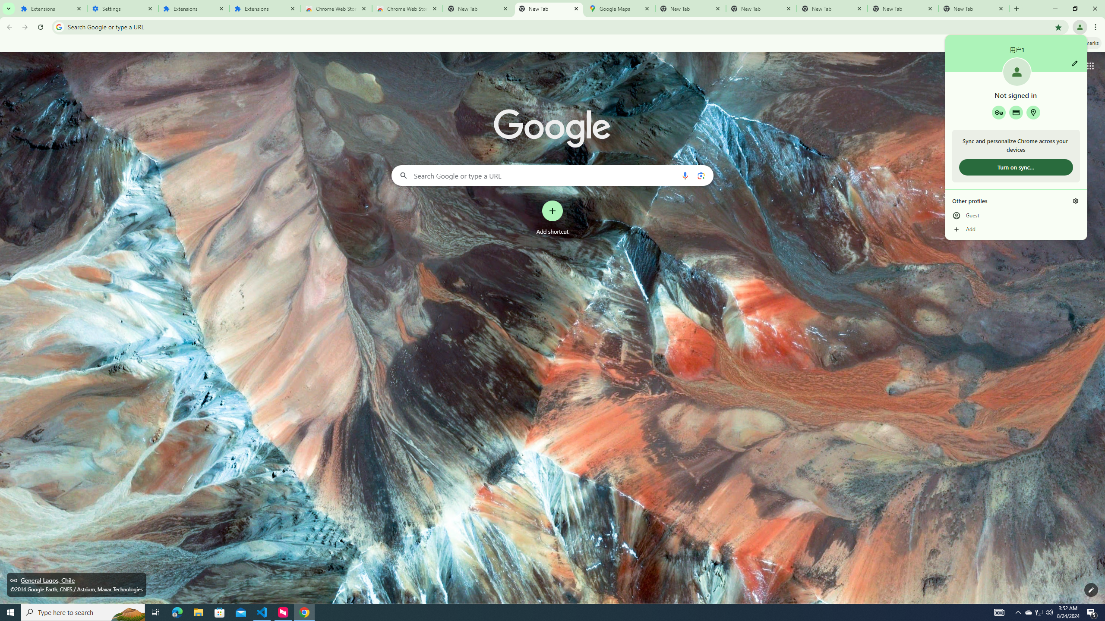 The height and width of the screenshot is (621, 1105). What do you see at coordinates (304, 612) in the screenshot?
I see `'Google Chrome - 1 running window'` at bounding box center [304, 612].